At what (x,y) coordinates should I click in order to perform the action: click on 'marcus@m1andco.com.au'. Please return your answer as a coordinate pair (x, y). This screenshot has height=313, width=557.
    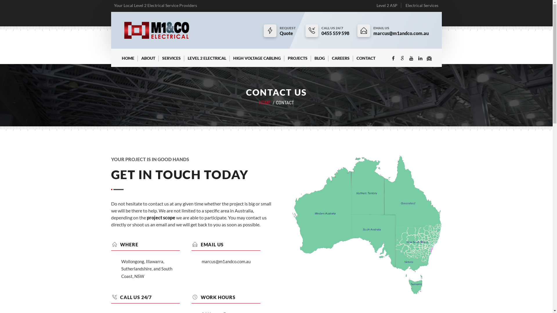
    Looking at the image, I should click on (400, 33).